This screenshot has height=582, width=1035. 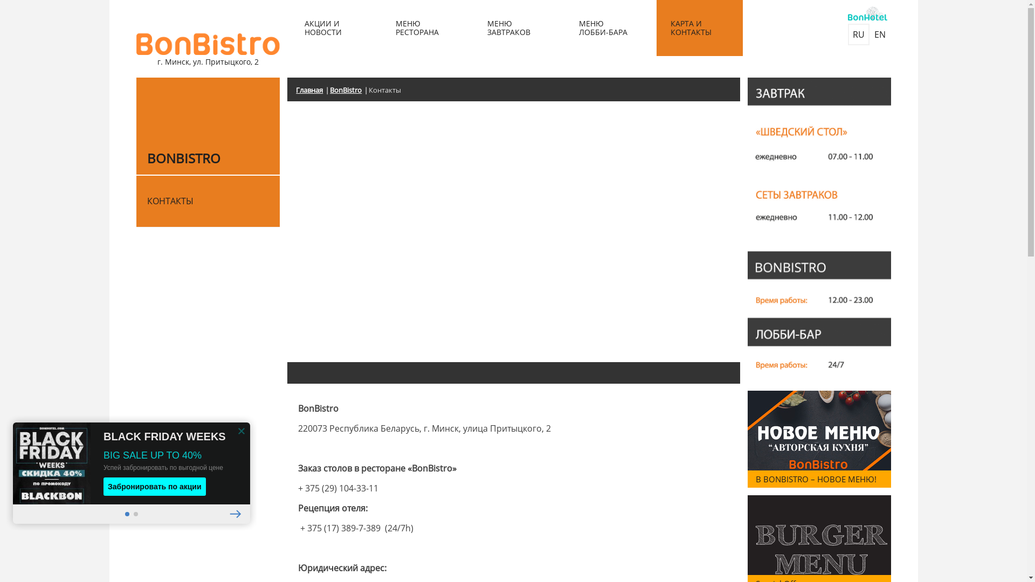 What do you see at coordinates (869, 34) in the screenshot?
I see `'EN'` at bounding box center [869, 34].